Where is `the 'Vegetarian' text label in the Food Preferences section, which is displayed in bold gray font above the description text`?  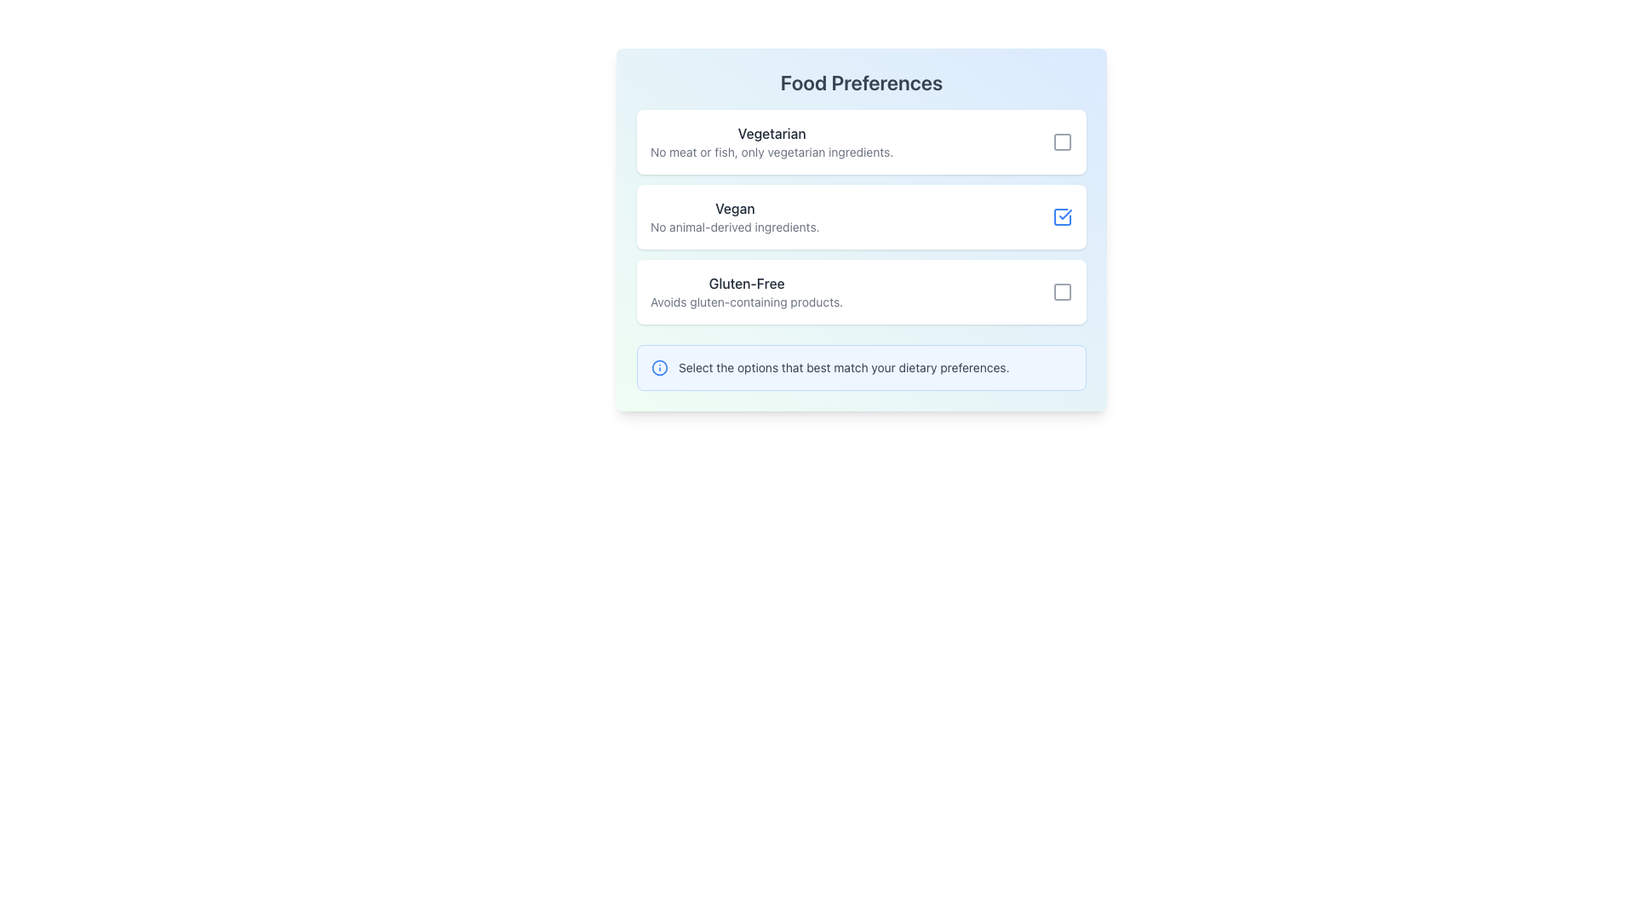
the 'Vegetarian' text label in the Food Preferences section, which is displayed in bold gray font above the description text is located at coordinates (771, 133).